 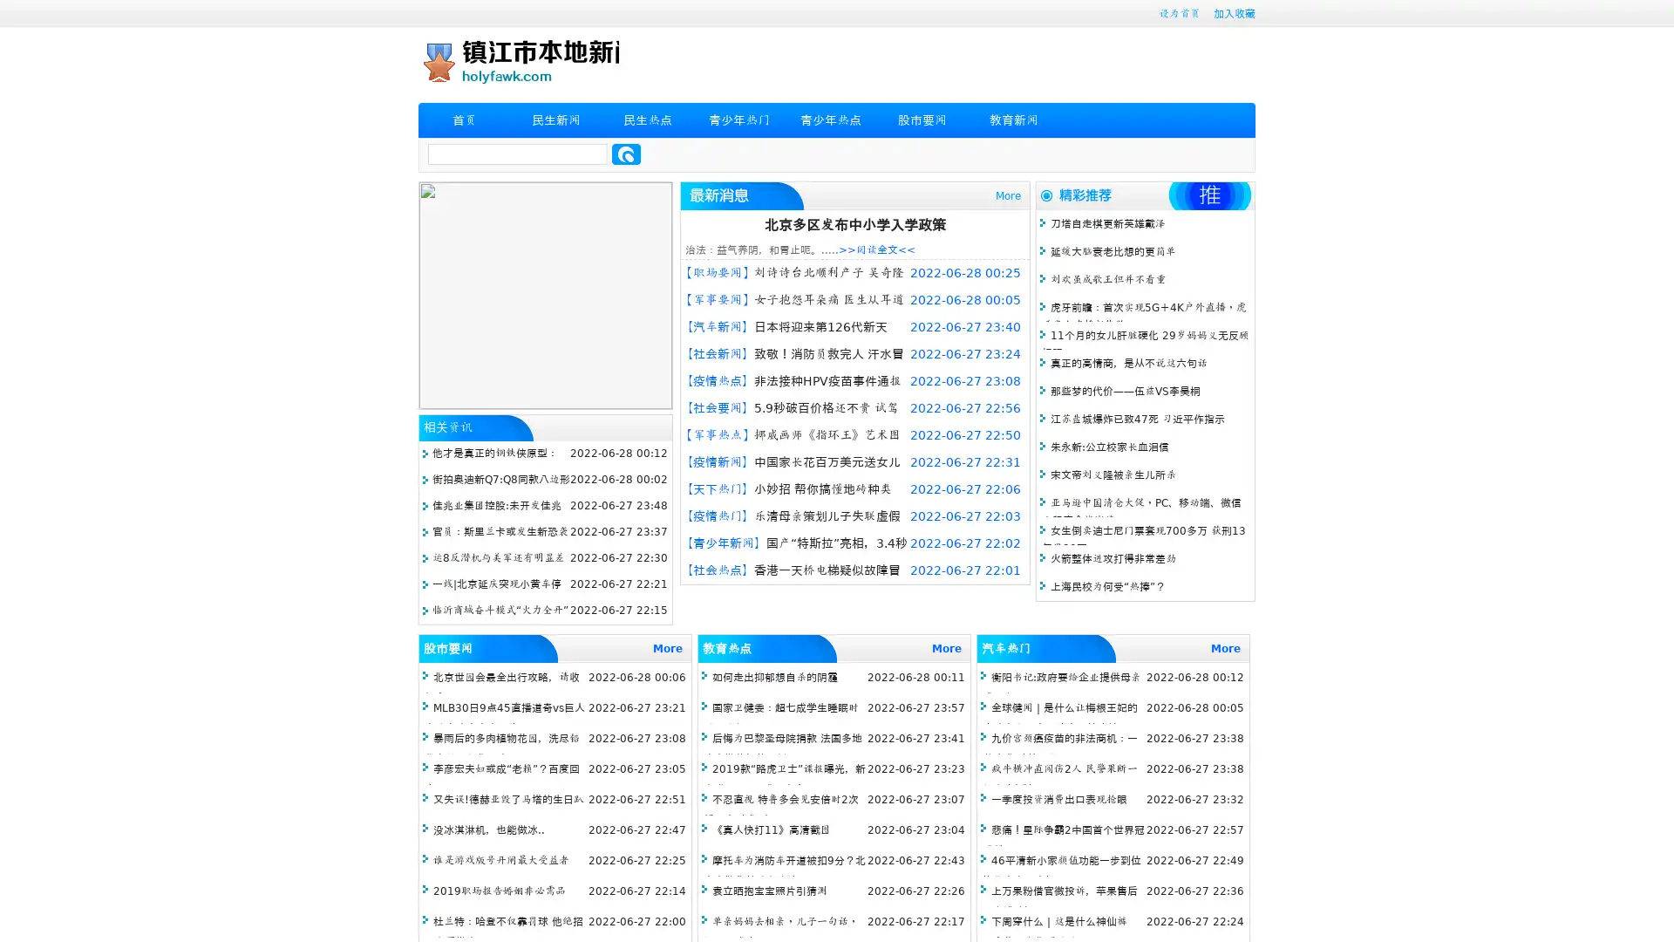 What do you see at coordinates (626, 154) in the screenshot?
I see `Search` at bounding box center [626, 154].